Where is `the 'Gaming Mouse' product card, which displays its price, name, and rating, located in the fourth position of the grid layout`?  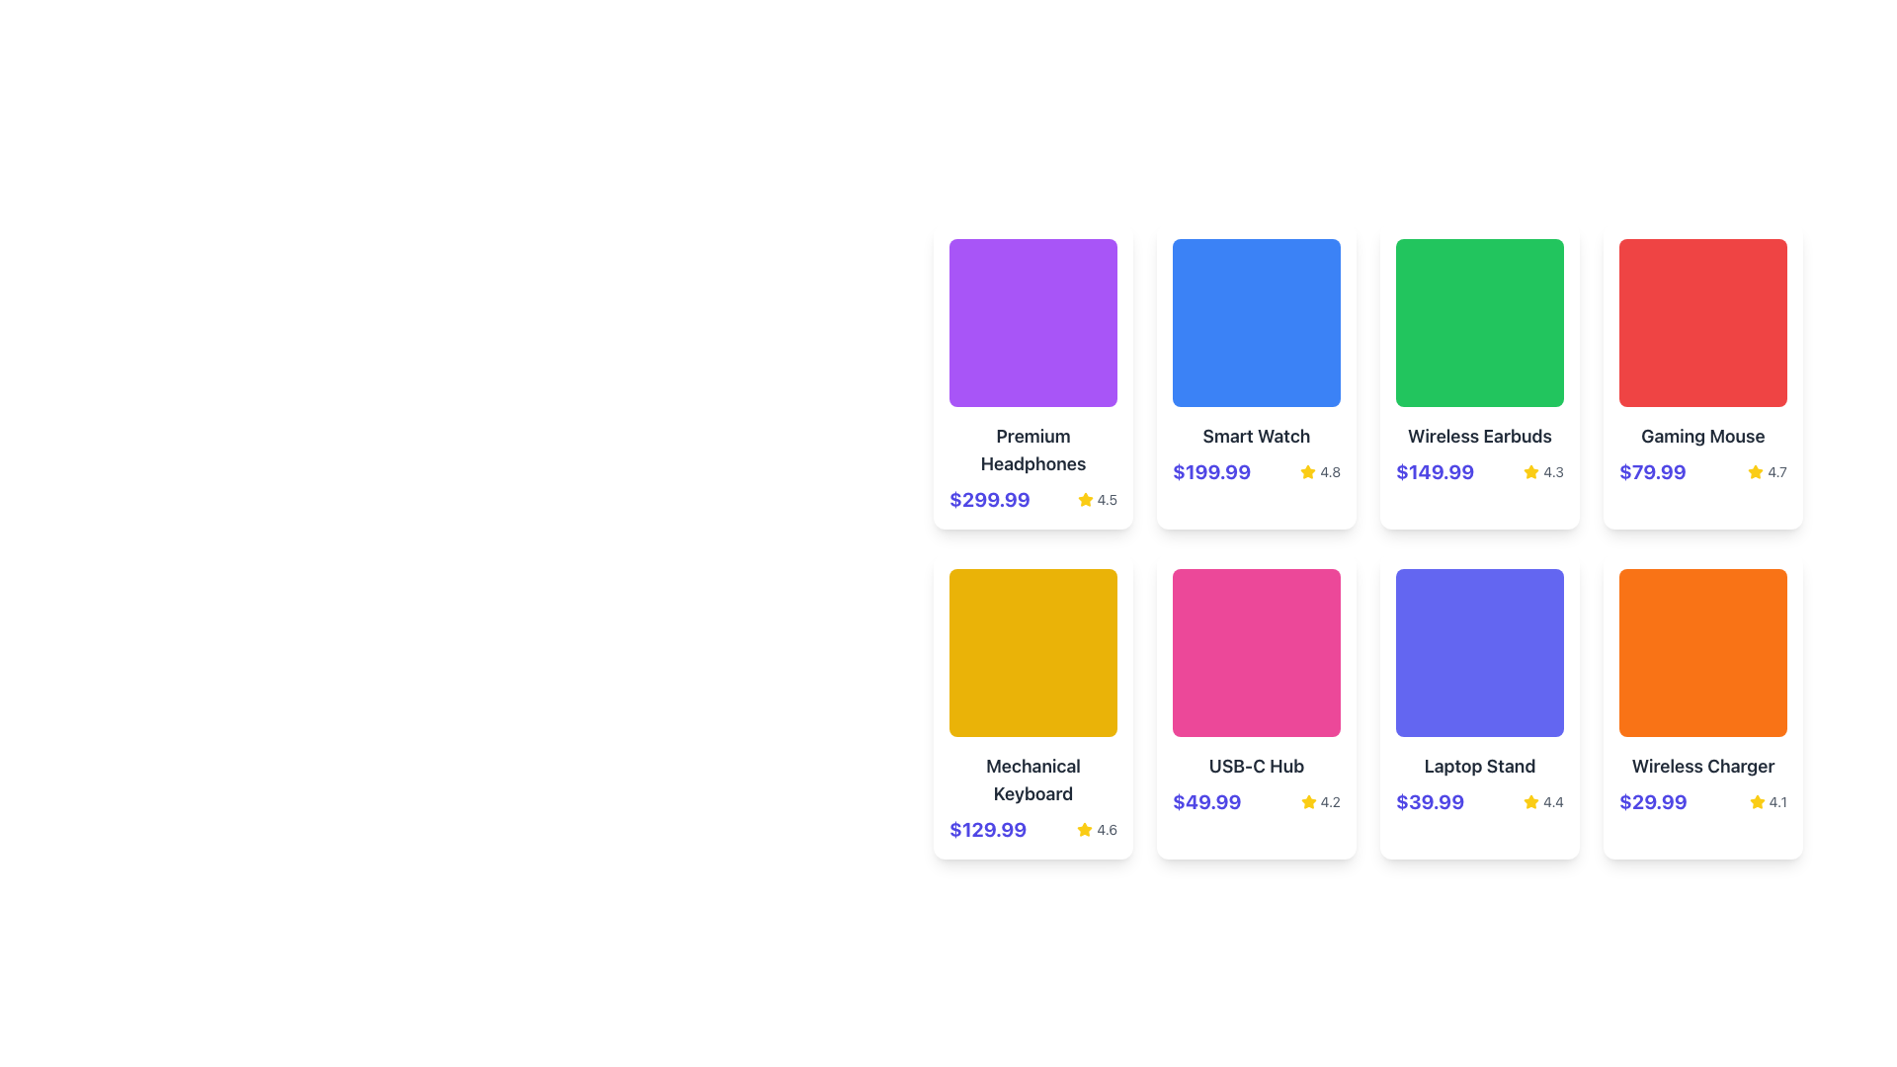 the 'Gaming Mouse' product card, which displays its price, name, and rating, located in the fourth position of the grid layout is located at coordinates (1701, 376).